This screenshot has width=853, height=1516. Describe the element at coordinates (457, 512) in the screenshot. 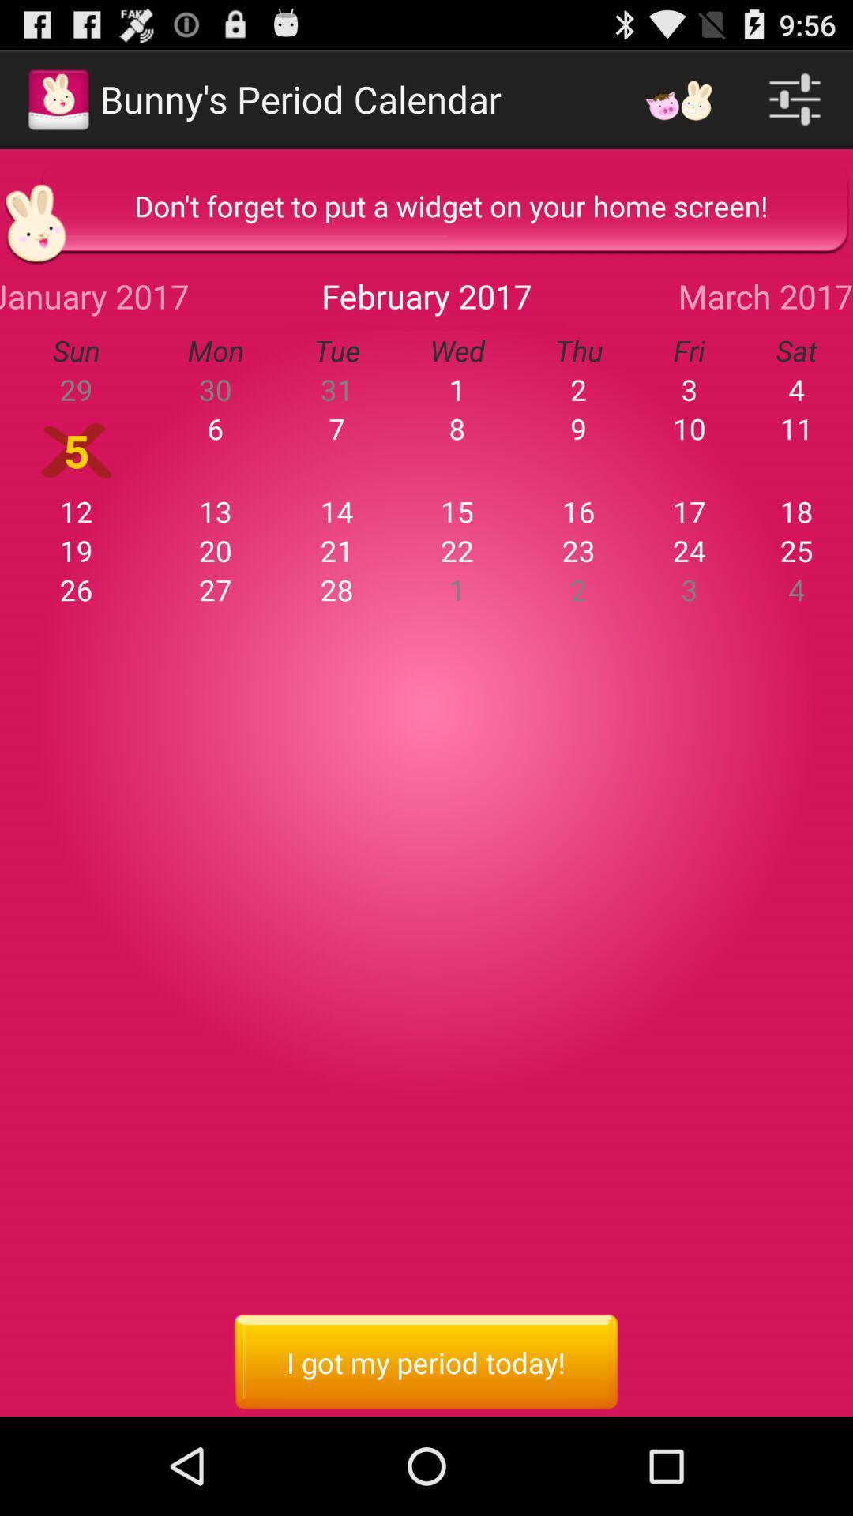

I see `15` at that location.